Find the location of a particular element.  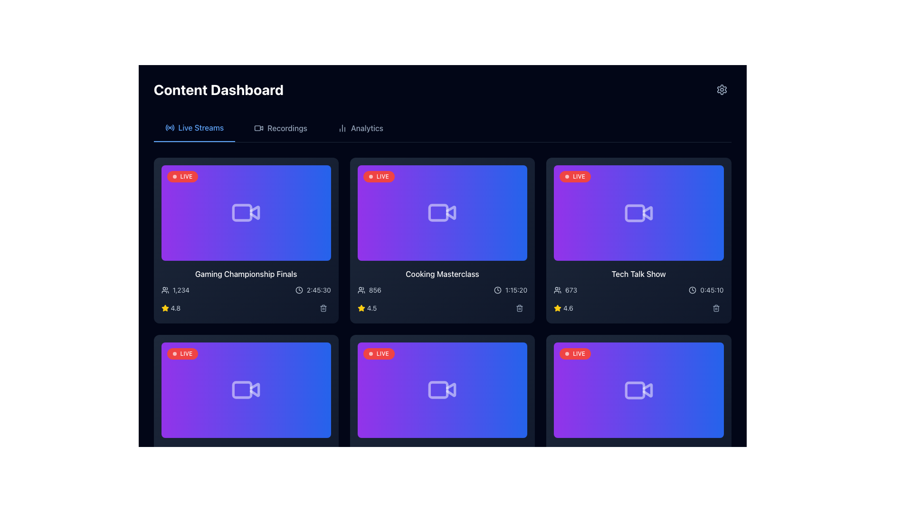

the 'Recordings' button in the navigation menu is located at coordinates (280, 128).